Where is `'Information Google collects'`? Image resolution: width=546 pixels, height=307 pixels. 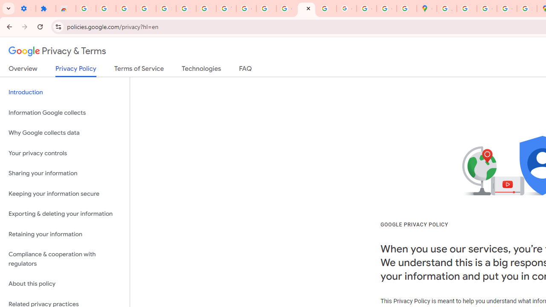
'Information Google collects' is located at coordinates (64, 112).